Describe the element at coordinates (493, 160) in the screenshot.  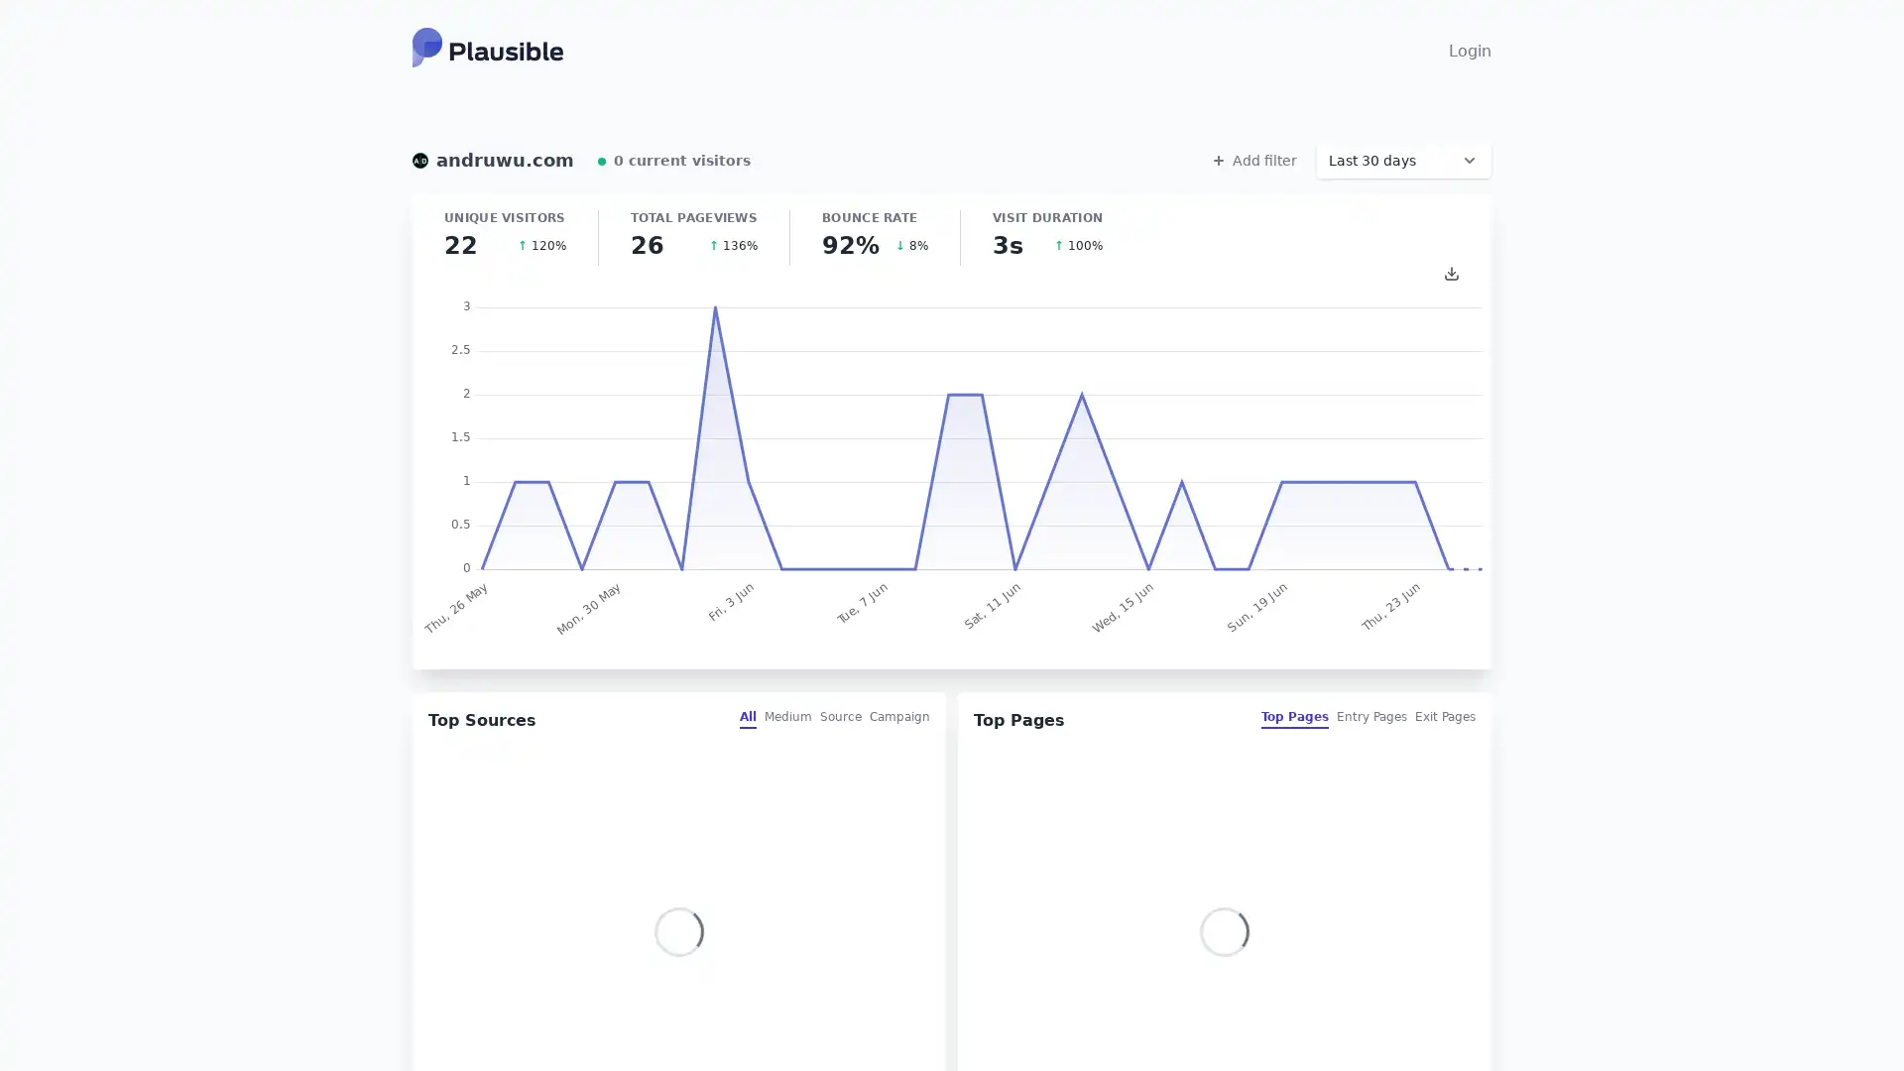
I see `andruwu.com` at that location.